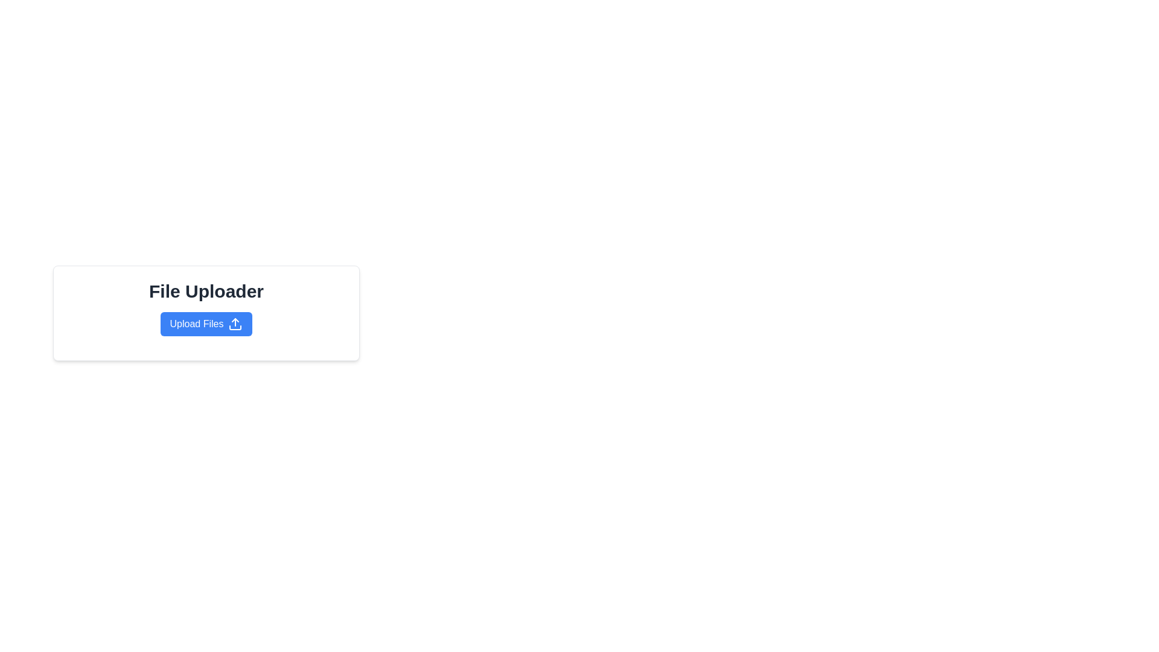  Describe the element at coordinates (235, 323) in the screenshot. I see `the blue 'Upload Files' button which contains an upload icon, located at the right side of the button's text label` at that location.